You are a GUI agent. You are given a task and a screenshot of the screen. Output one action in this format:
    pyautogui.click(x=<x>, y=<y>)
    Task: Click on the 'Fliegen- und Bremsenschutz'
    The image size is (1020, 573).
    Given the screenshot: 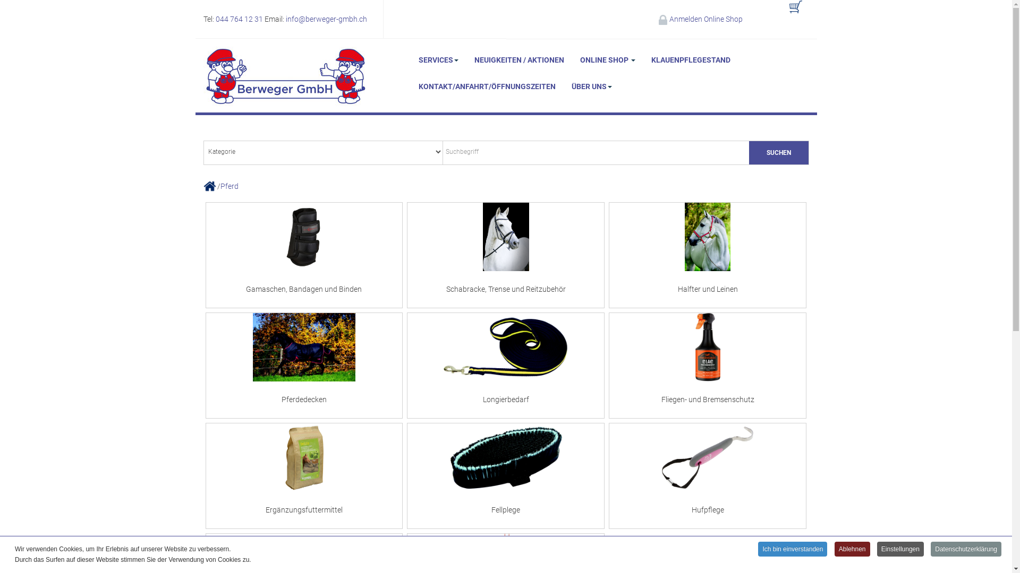 What is the action you would take?
    pyautogui.click(x=708, y=365)
    